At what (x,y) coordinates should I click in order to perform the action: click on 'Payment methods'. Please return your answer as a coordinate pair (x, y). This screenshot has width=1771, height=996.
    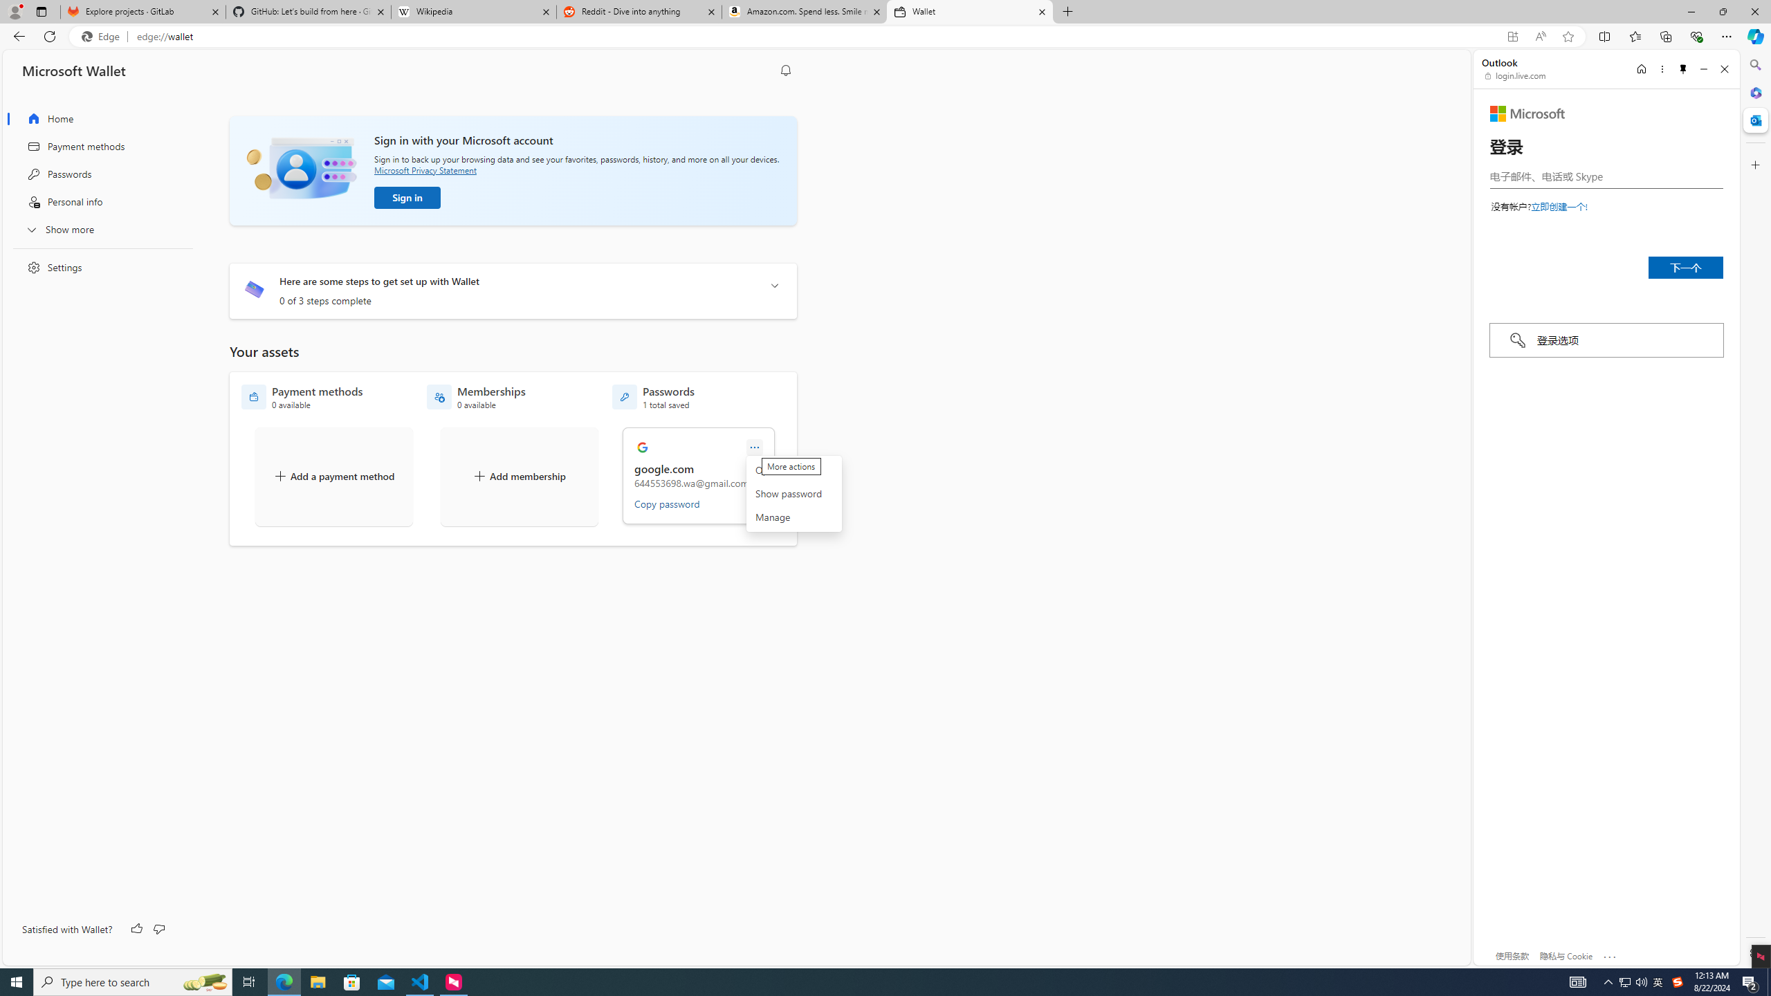
    Looking at the image, I should click on (98, 146).